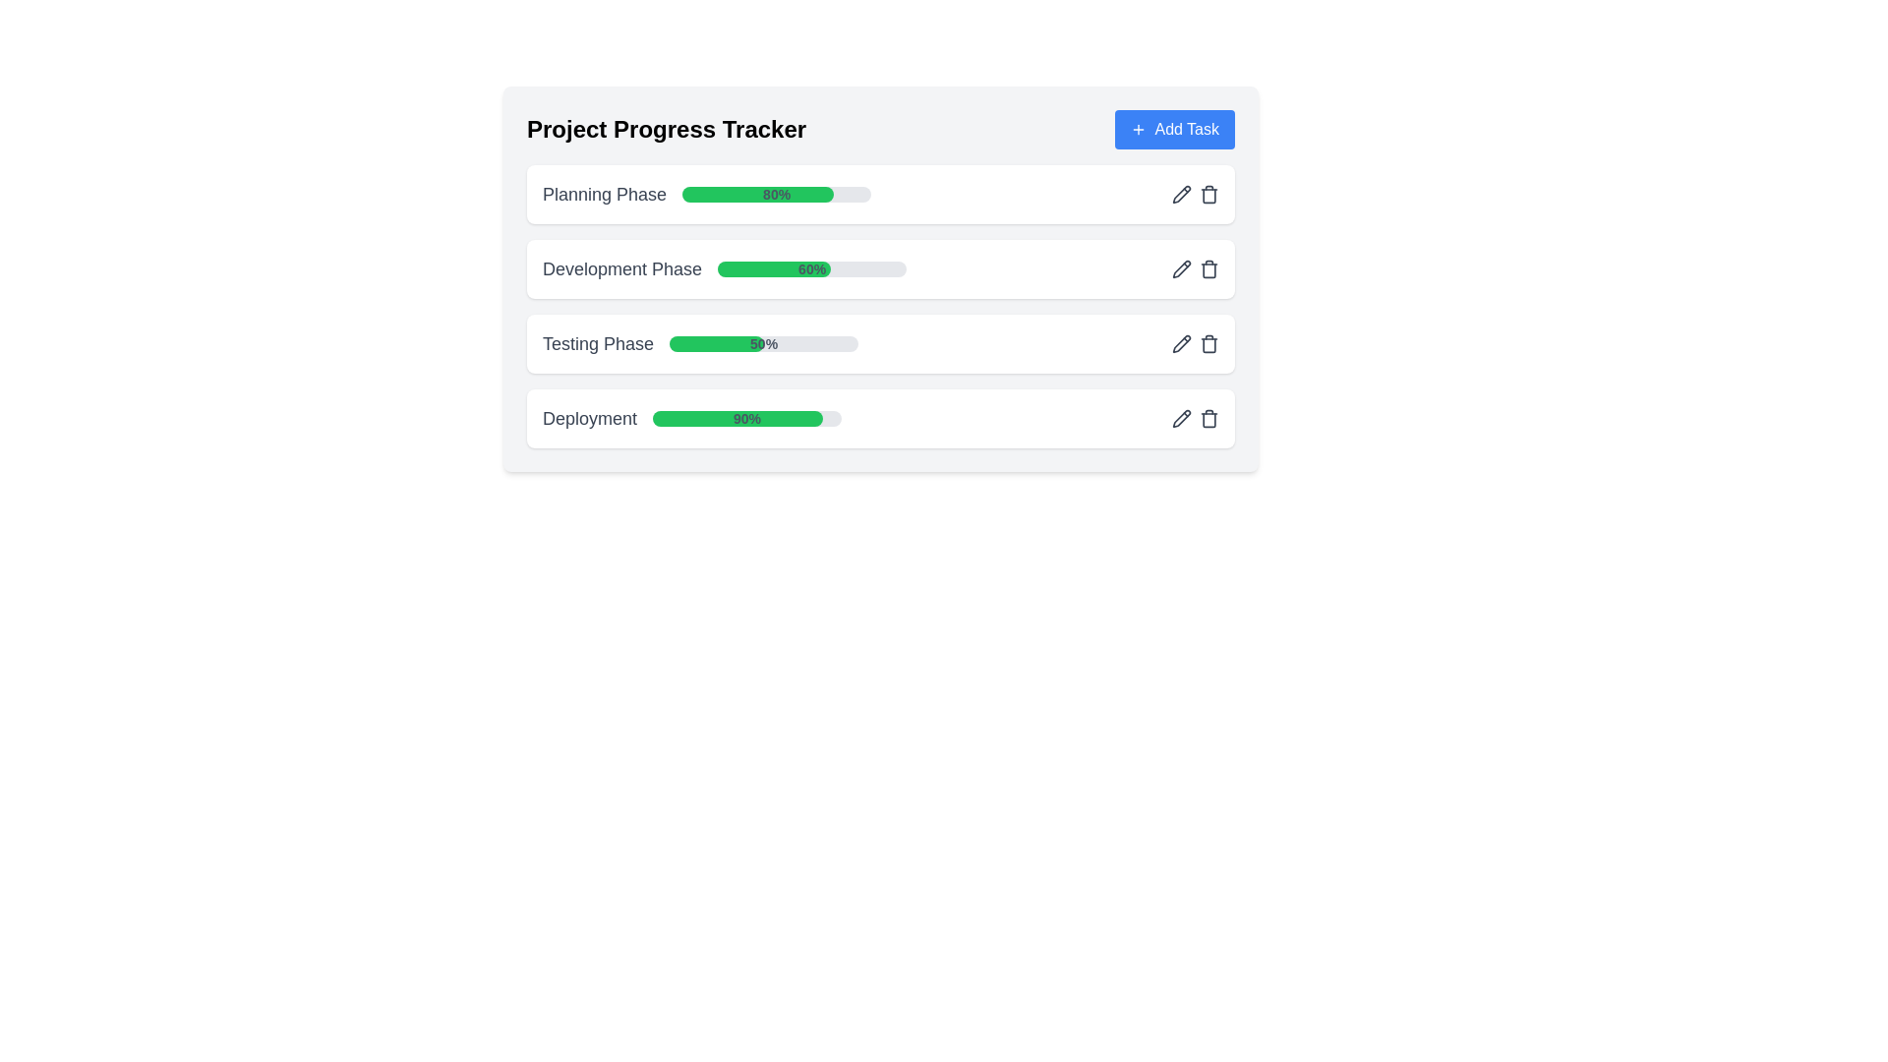  I want to click on the Progress Indicator Row displaying 'Testing Phase' with a green progress bar indicating 50% completion, located in the 'Project Progress Tracker' card, so click(700, 343).